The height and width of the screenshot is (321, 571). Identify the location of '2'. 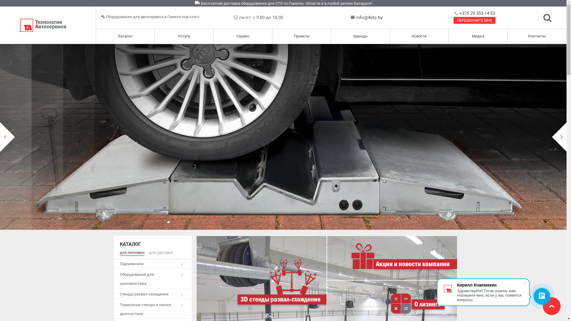
(551, 222).